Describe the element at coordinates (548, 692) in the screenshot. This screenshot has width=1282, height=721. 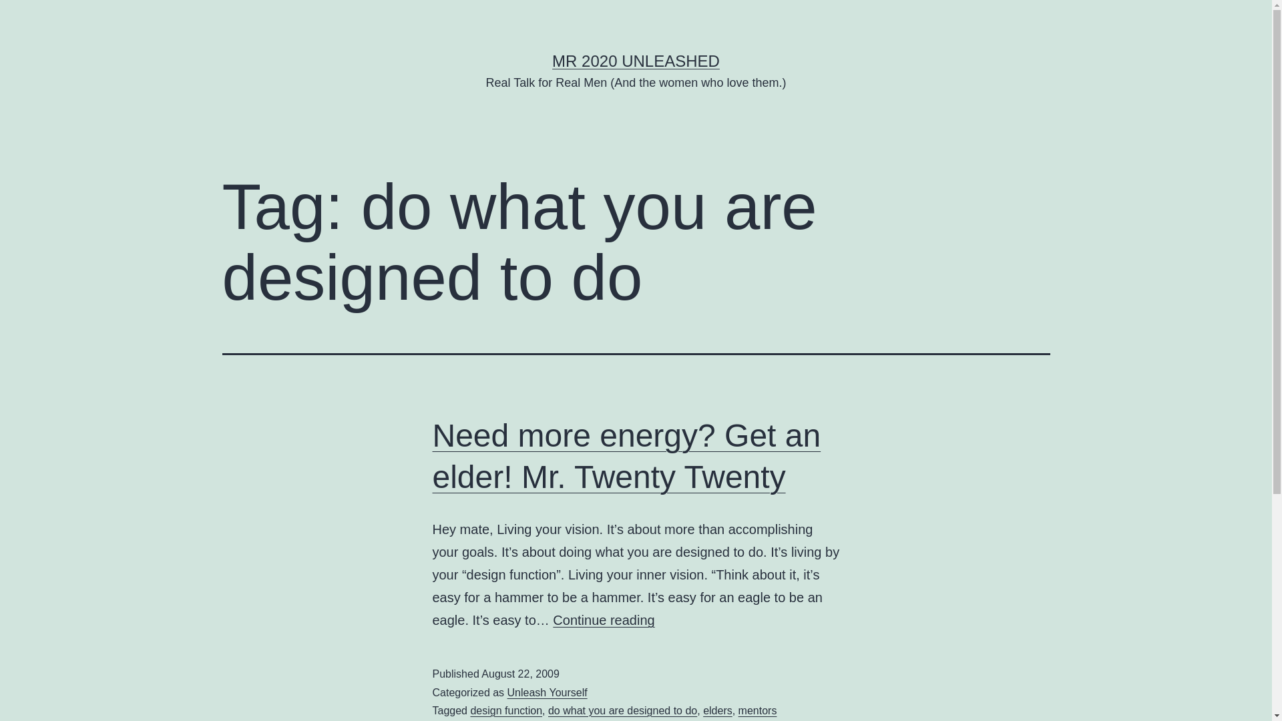
I see `'Unleash Yourself'` at that location.